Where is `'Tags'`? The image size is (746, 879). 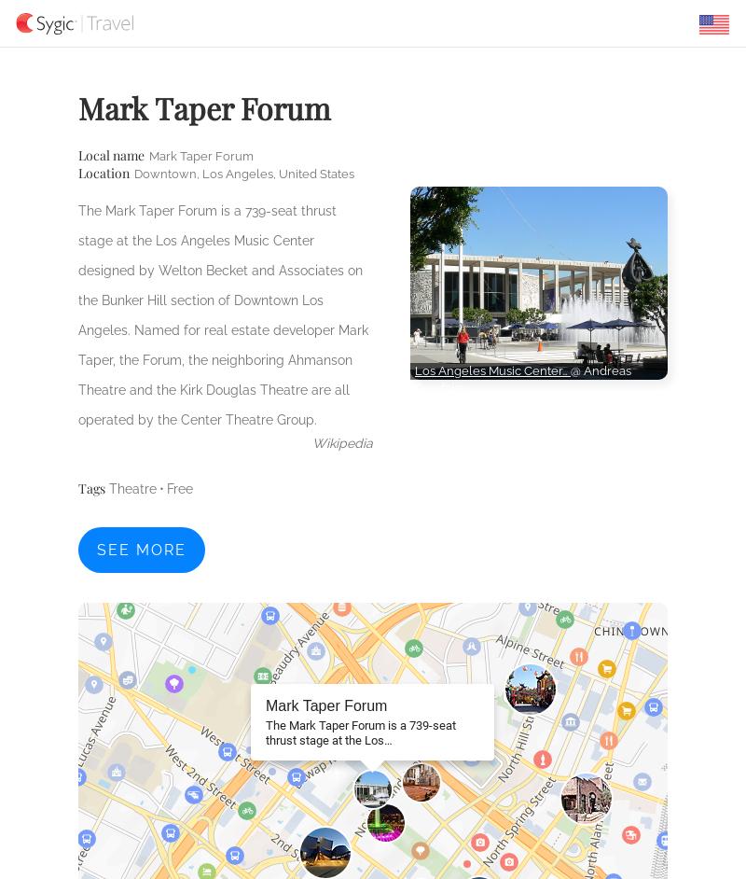
'Tags' is located at coordinates (91, 487).